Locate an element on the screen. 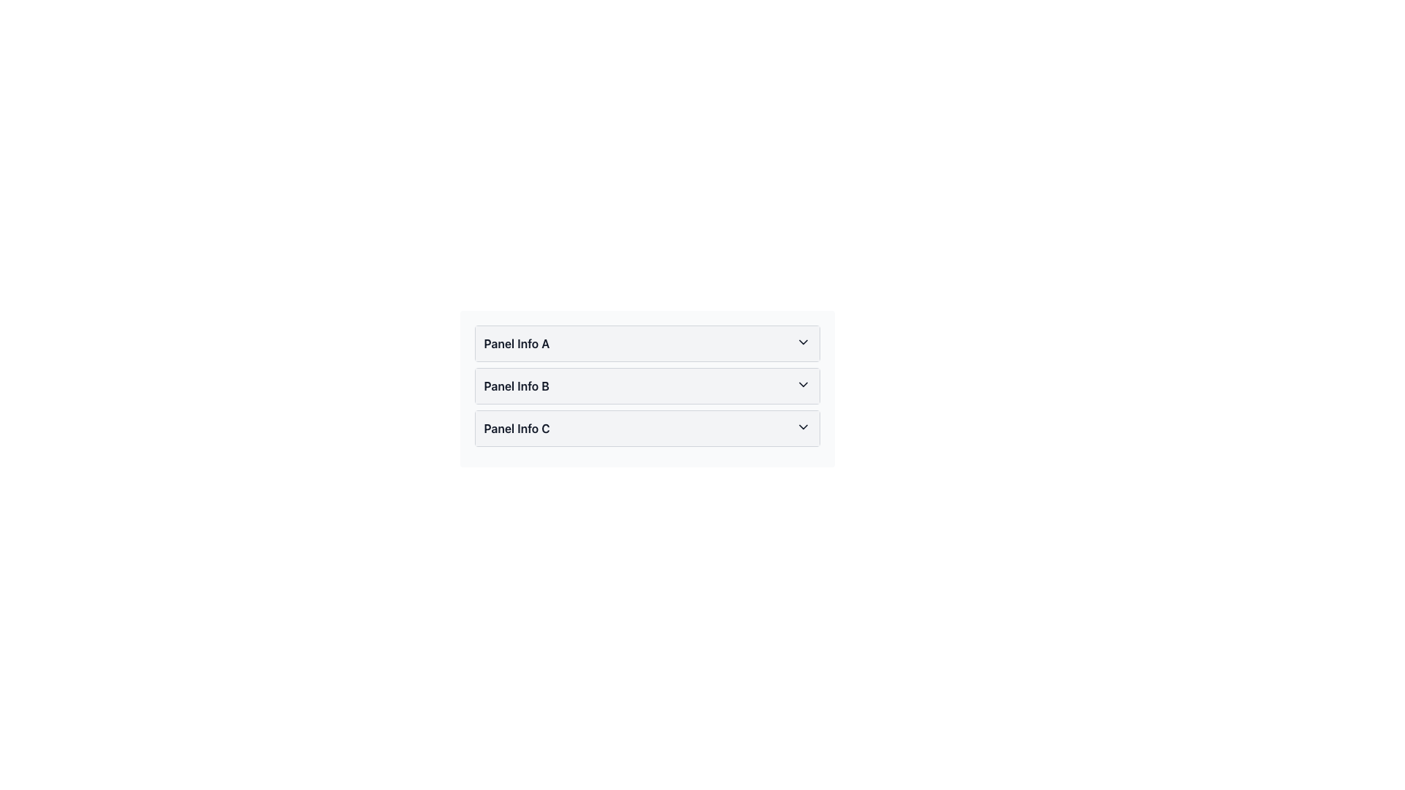 The width and height of the screenshot is (1405, 790). the downward-pointing chevron icon located at the right end of the 'Panel Info B' panel is located at coordinates (802, 383).